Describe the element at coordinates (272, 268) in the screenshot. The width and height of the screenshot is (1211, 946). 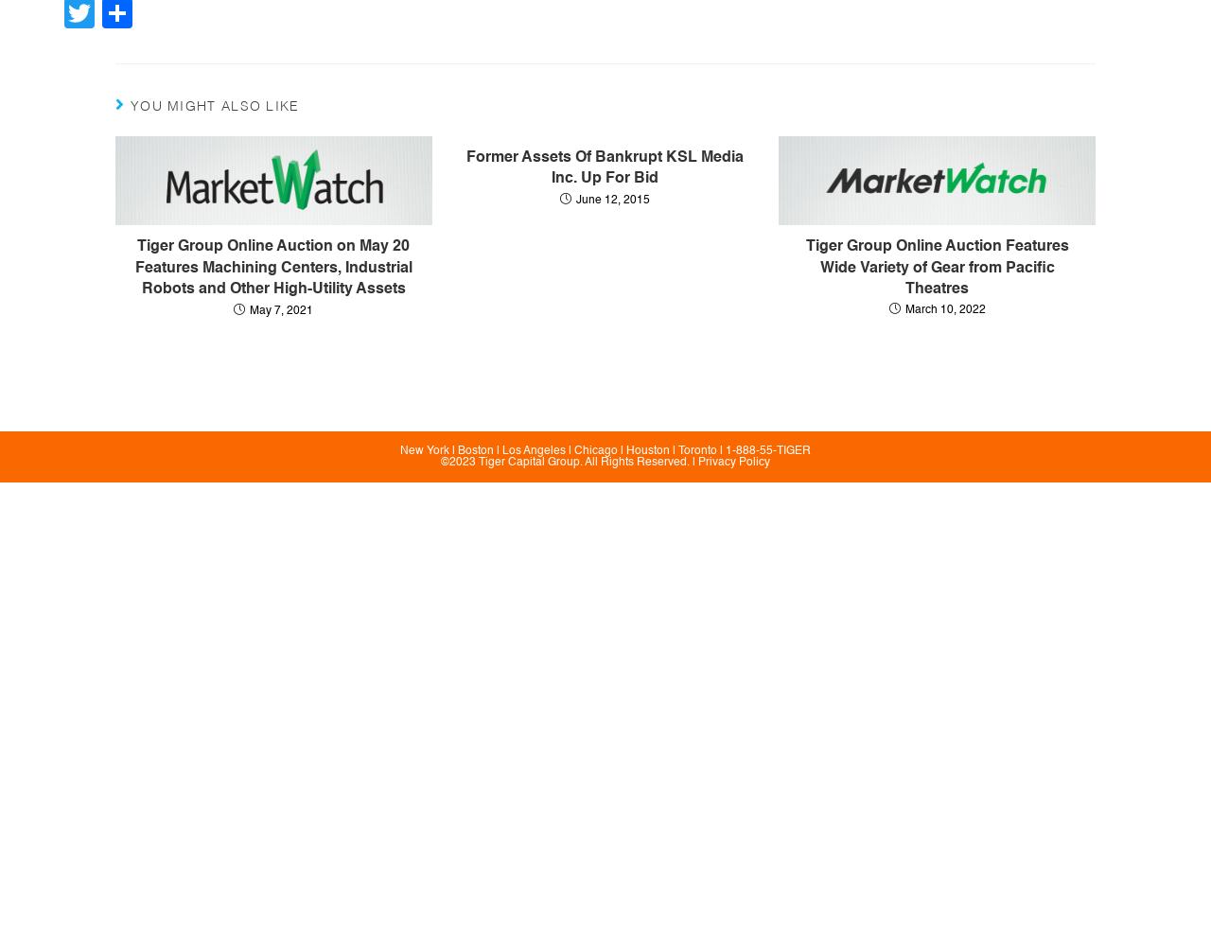
I see `'Tiger Group Online Auction on May 20 Features Machining Centers, Industrial Robots and Other High-Utility Assets'` at that location.